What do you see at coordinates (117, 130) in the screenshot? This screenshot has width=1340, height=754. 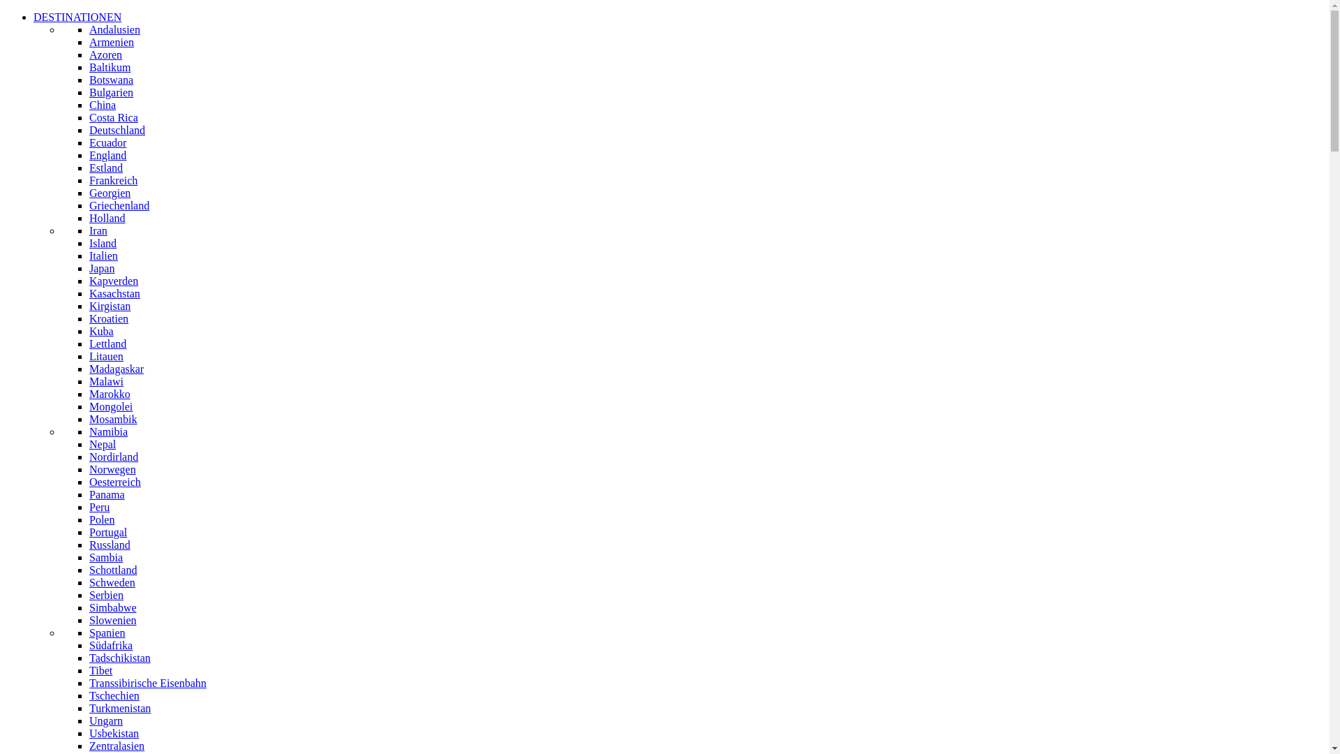 I see `'Deutschland'` at bounding box center [117, 130].